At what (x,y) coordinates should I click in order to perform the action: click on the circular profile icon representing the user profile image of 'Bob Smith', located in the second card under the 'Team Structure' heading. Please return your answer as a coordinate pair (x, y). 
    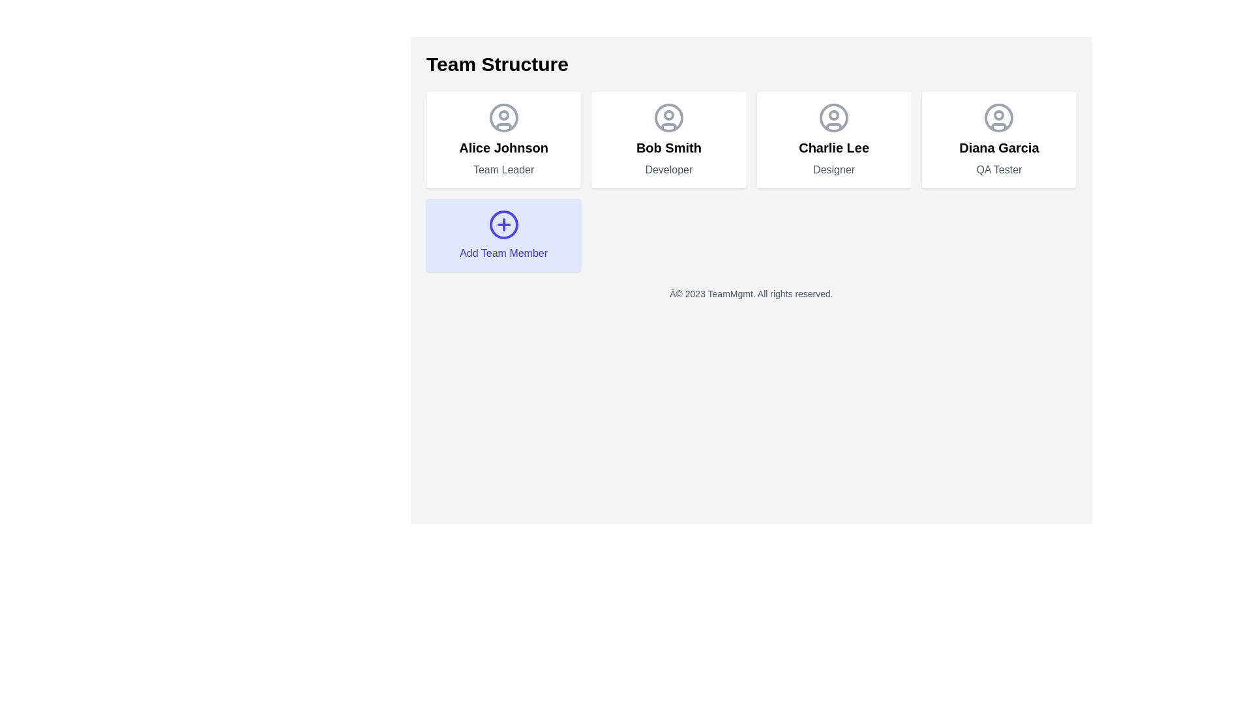
    Looking at the image, I should click on (668, 118).